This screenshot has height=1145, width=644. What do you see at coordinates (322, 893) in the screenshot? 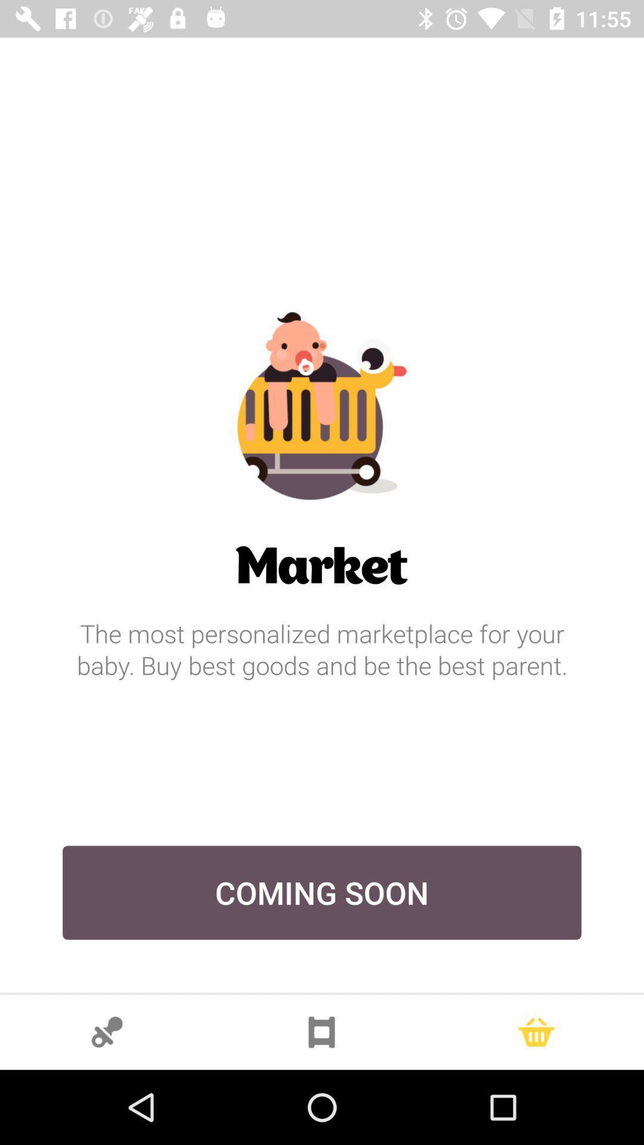
I see `coming soon item` at bounding box center [322, 893].